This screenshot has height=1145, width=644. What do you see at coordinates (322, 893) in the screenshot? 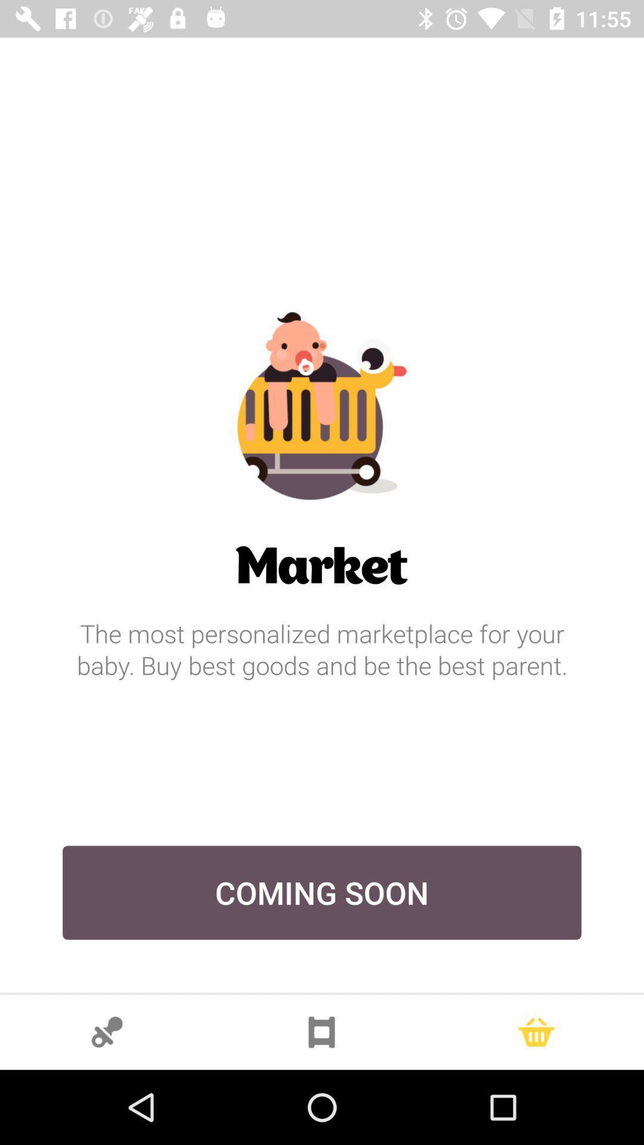
I see `coming soon item` at bounding box center [322, 893].